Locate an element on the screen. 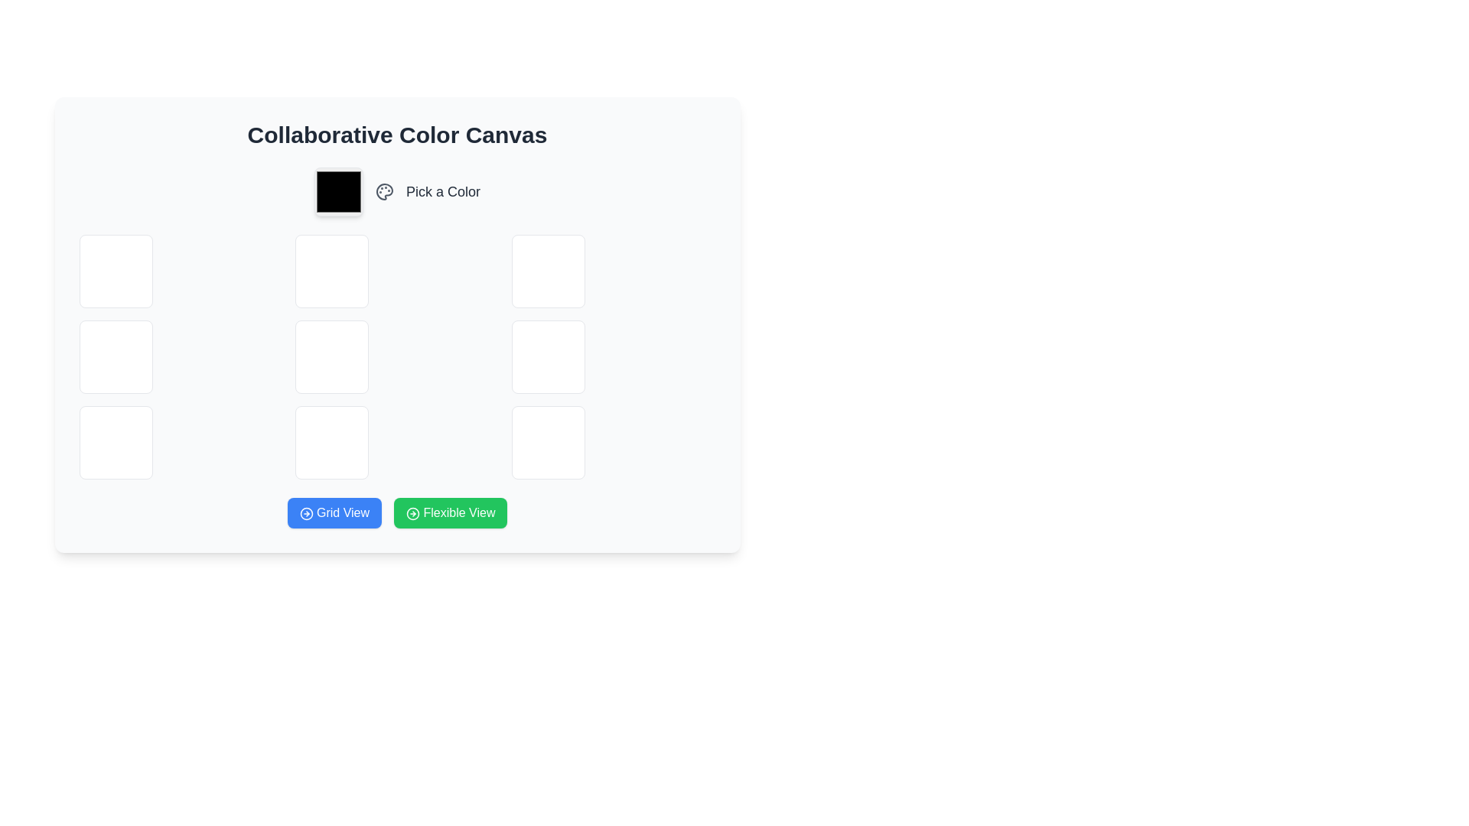 The width and height of the screenshot is (1469, 826). the right-pointing arrow icon enclosed within a circle, which is located on the left side of the 'Grid View' button is located at coordinates (306, 513).